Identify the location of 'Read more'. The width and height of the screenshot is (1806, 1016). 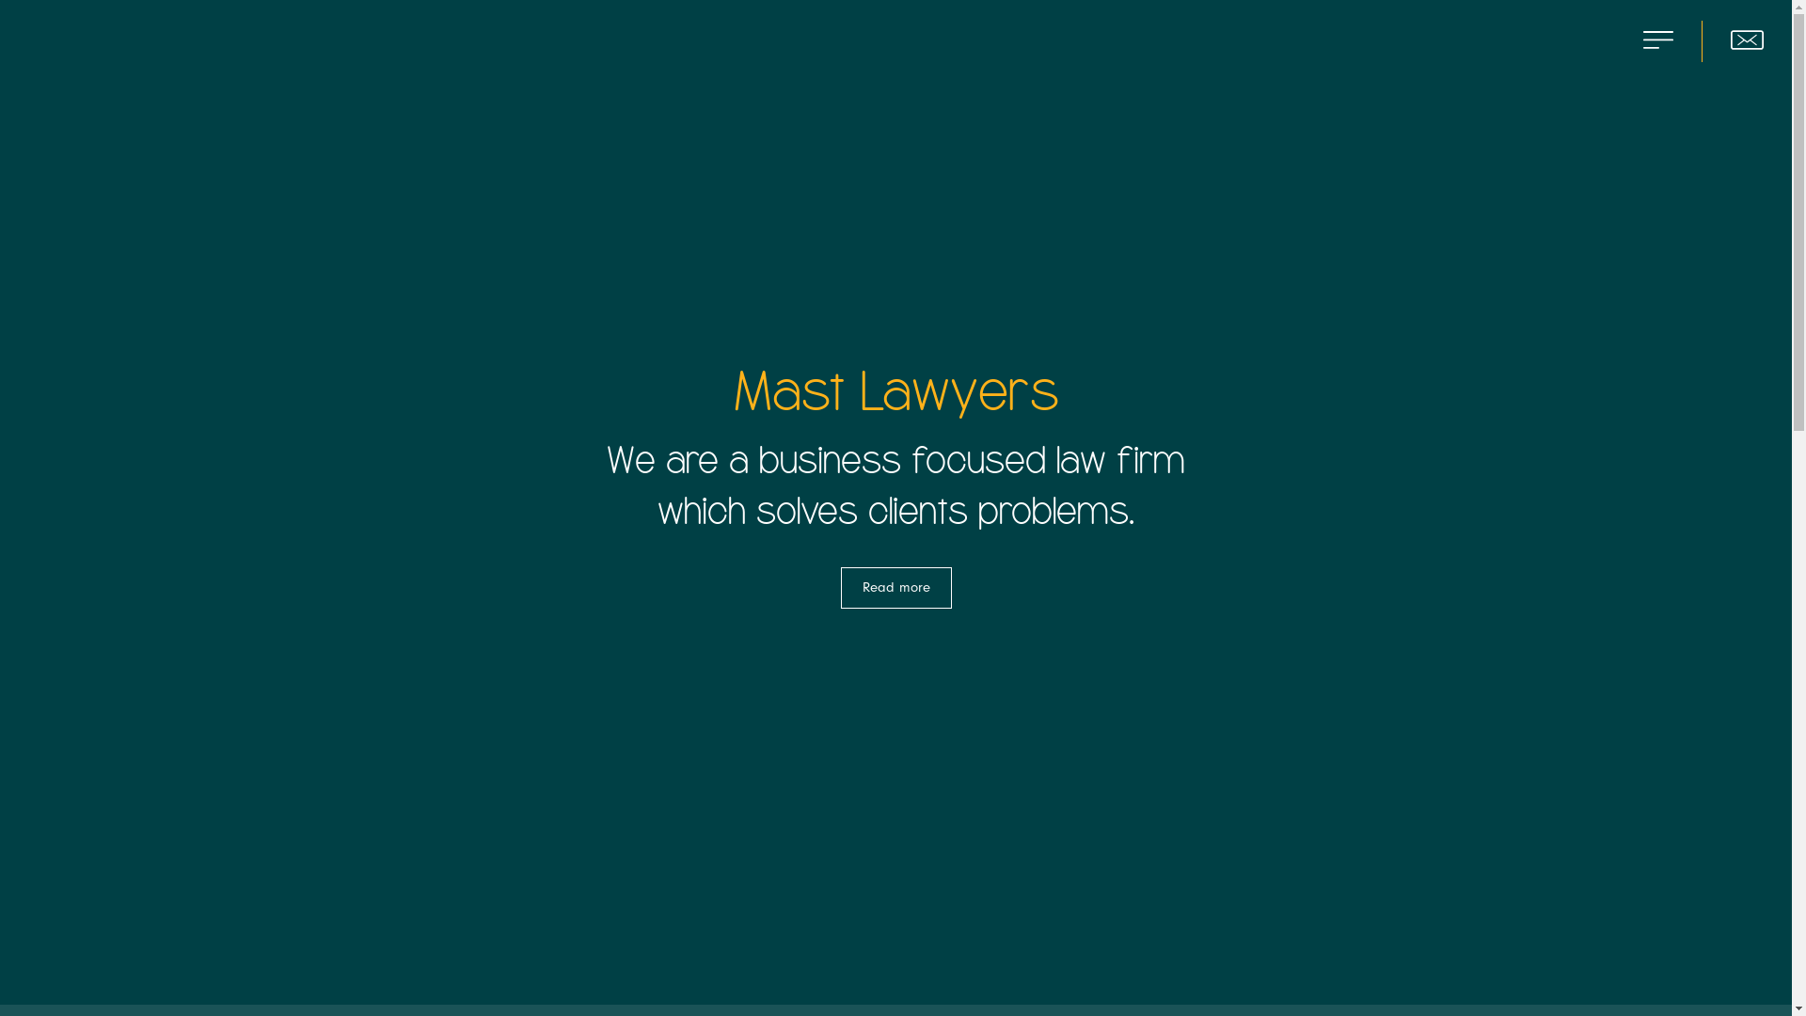
(839, 586).